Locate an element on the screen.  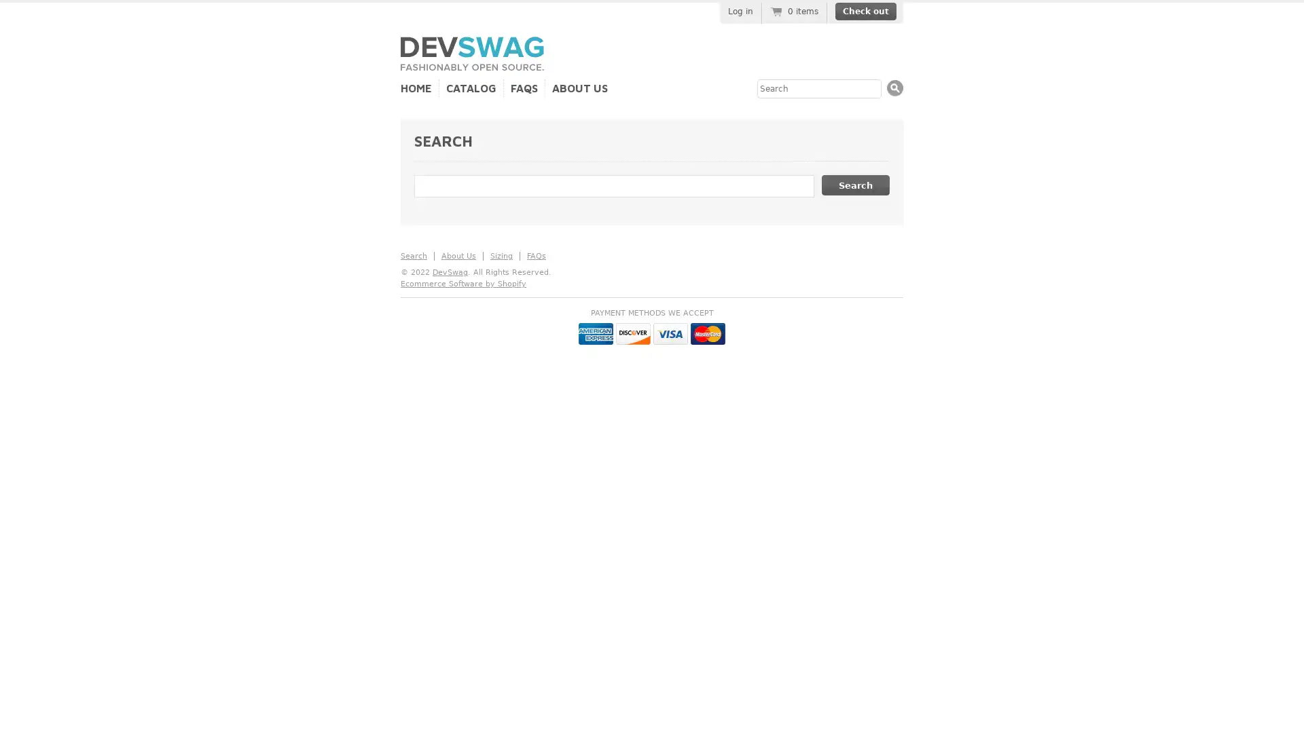
Search is located at coordinates (895, 88).